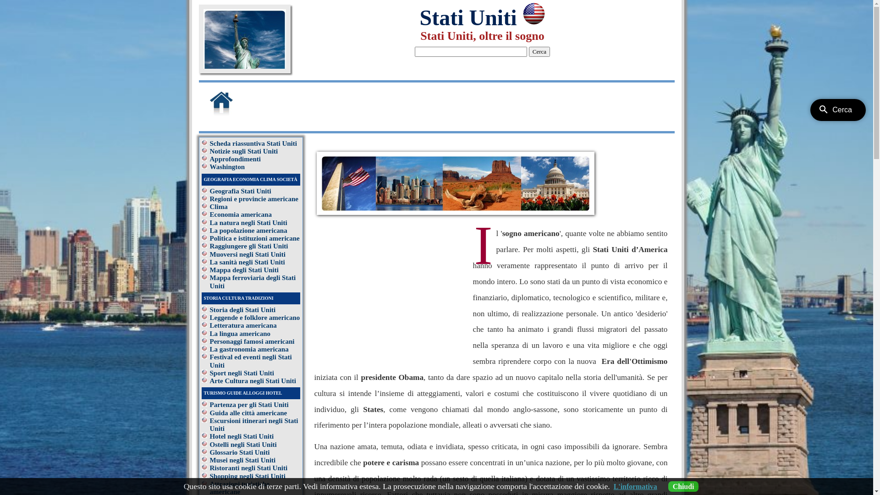 This screenshot has height=495, width=880. Describe the element at coordinates (242, 436) in the screenshot. I see `'Hotel negli Stati Uniti'` at that location.